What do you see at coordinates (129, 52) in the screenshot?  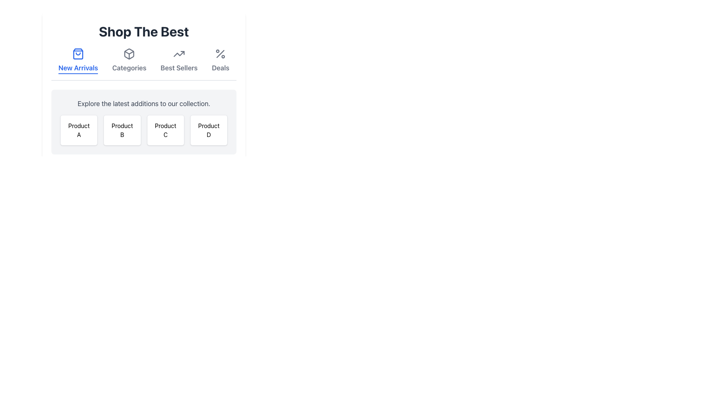 I see `the box icon located in the navigation area under the 'Categories' label, which is the second icon in a row of four icons in the header menu` at bounding box center [129, 52].